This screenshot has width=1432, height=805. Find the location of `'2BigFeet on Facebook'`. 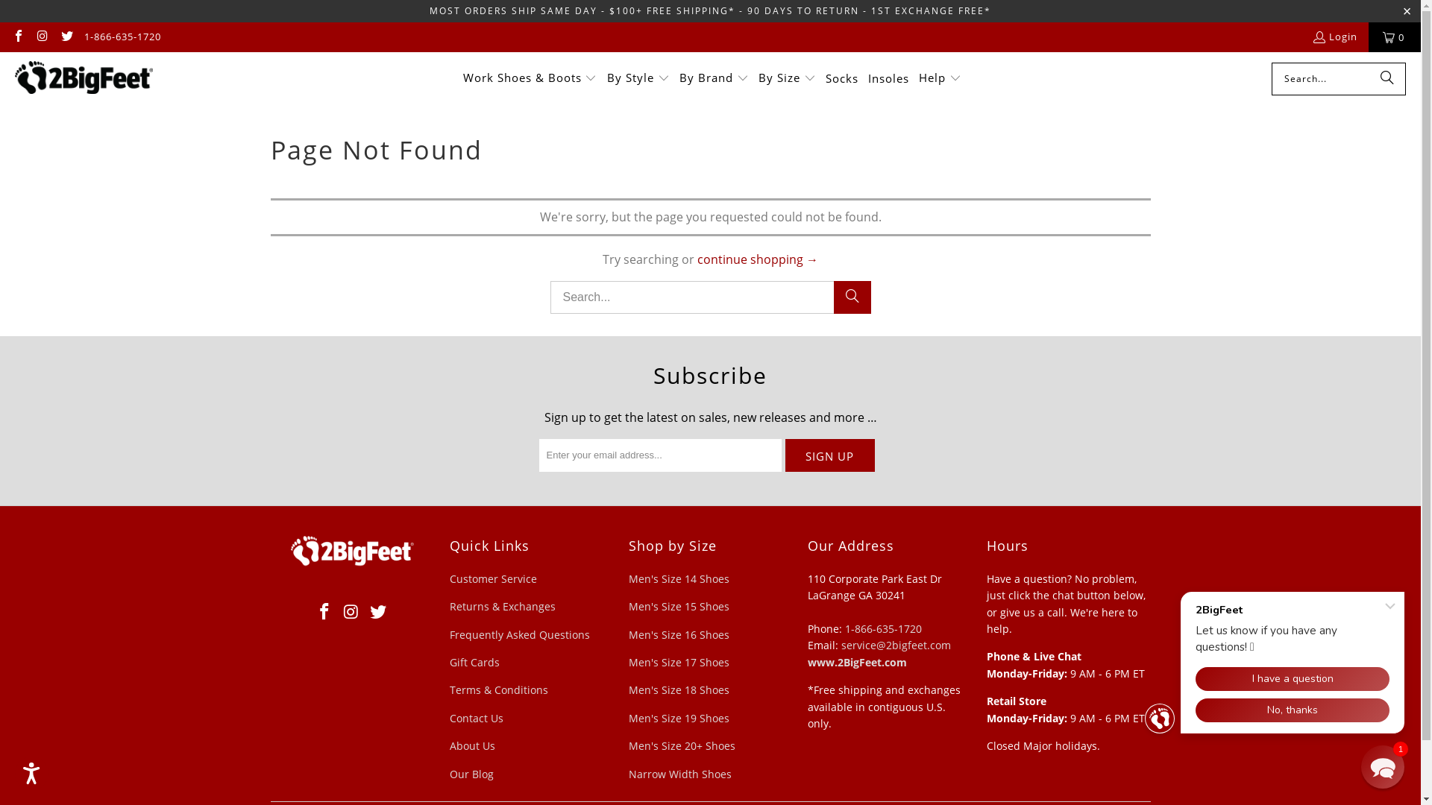

'2BigFeet on Facebook' is located at coordinates (10, 37).